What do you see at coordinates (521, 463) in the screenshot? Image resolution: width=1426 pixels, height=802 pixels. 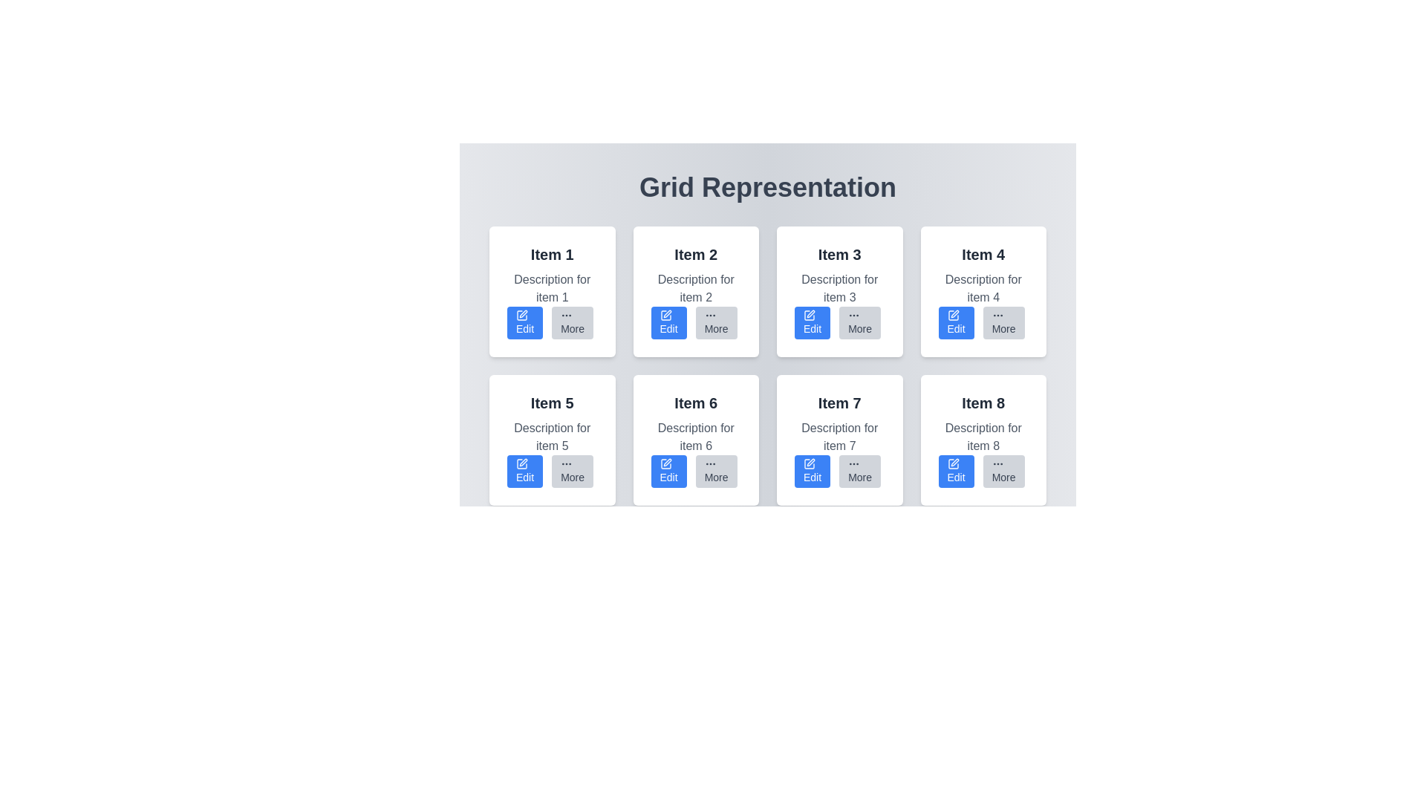 I see `the dark blue icon resembling a square with a pen overlayed, which is embedded within the bright blue 'Edit' button located in the card labeled 'Item 5' in the second row, first column of the grid layout` at bounding box center [521, 463].